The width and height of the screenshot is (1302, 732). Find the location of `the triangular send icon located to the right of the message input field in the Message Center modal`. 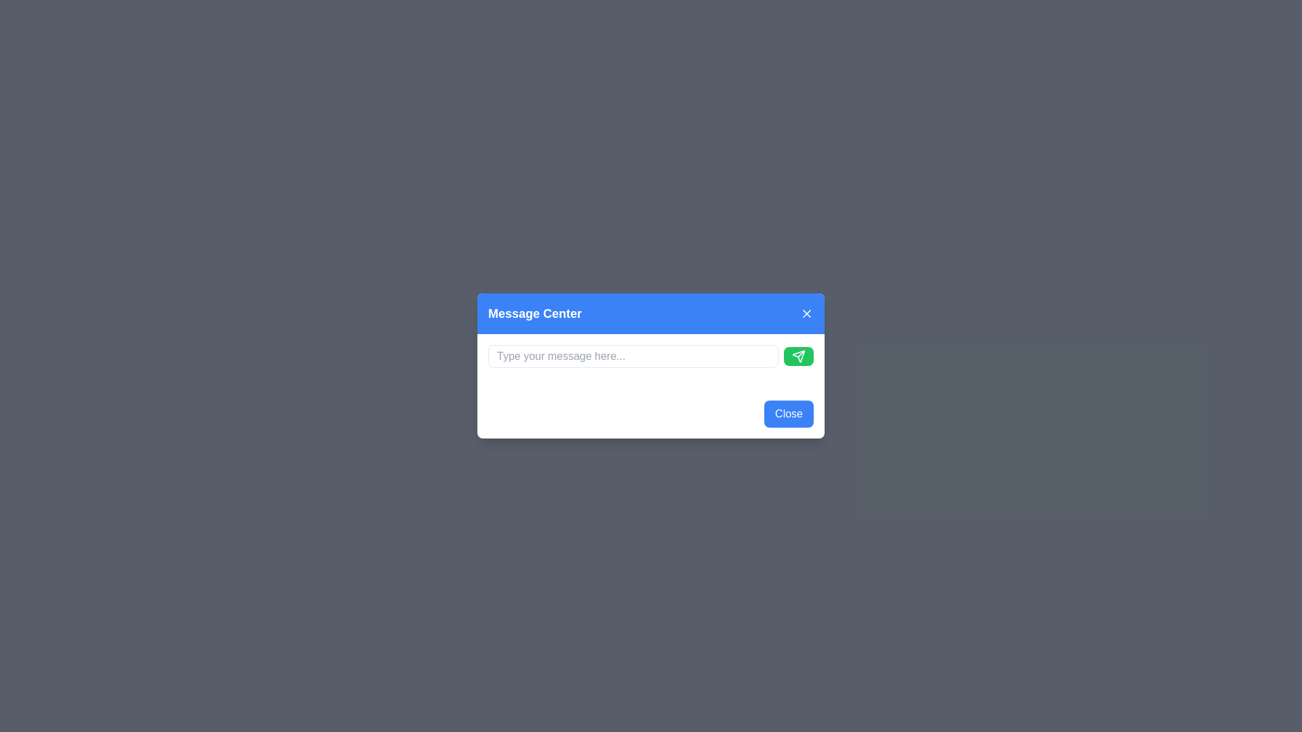

the triangular send icon located to the right of the message input field in the Message Center modal is located at coordinates (798, 355).